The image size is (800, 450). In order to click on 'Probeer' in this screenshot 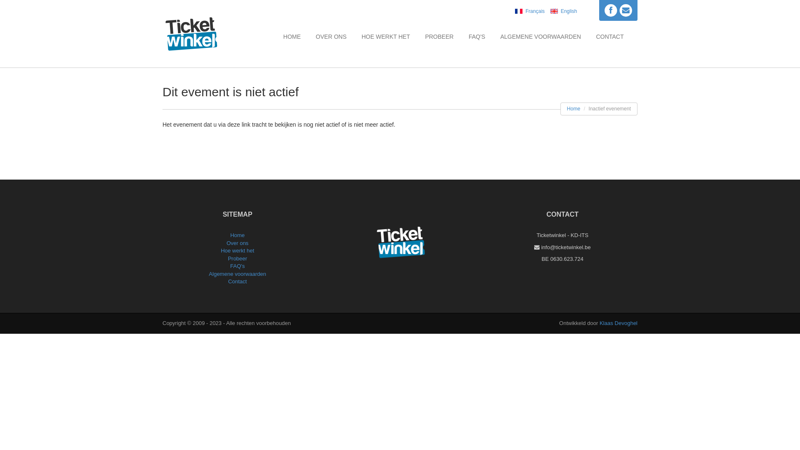, I will do `click(237, 258)`.